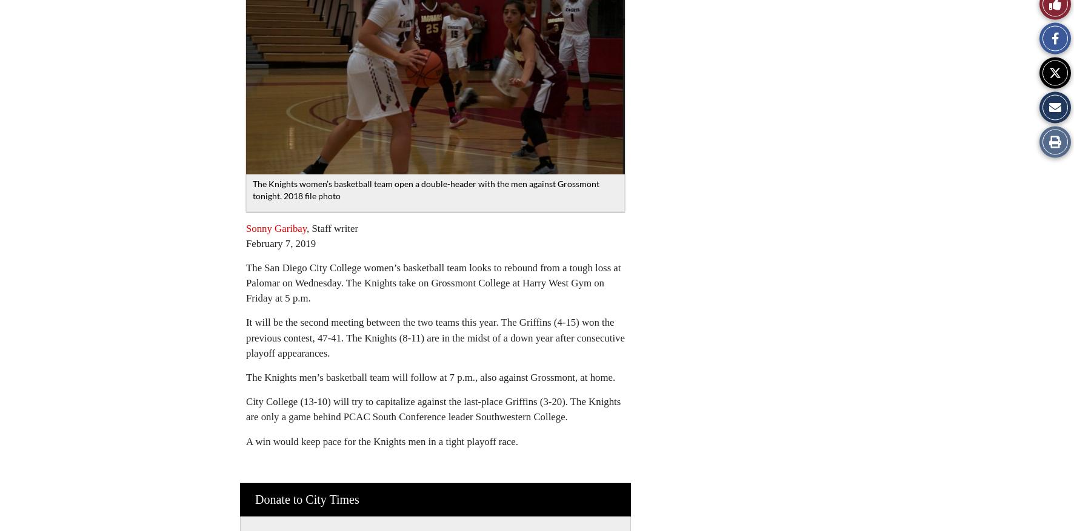 The height and width of the screenshot is (531, 1074). What do you see at coordinates (332, 228) in the screenshot?
I see `', Staff writer'` at bounding box center [332, 228].